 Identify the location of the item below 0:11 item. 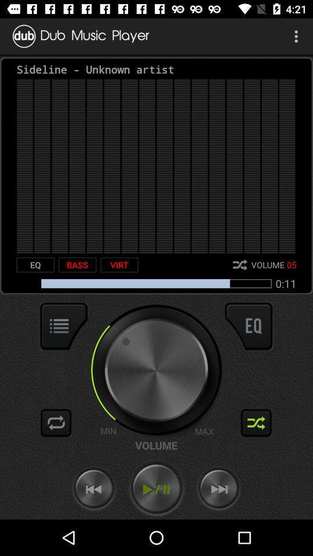
(248, 326).